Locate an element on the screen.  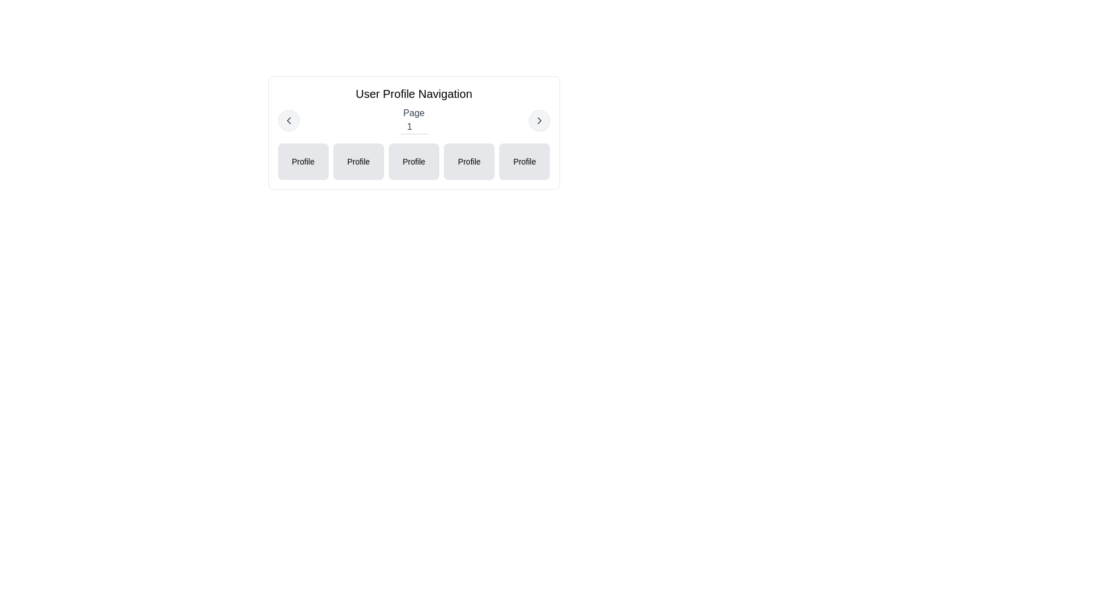
the text label displaying 'User Profile Navigation', which serves as the title of the navigation panel is located at coordinates (413, 93).